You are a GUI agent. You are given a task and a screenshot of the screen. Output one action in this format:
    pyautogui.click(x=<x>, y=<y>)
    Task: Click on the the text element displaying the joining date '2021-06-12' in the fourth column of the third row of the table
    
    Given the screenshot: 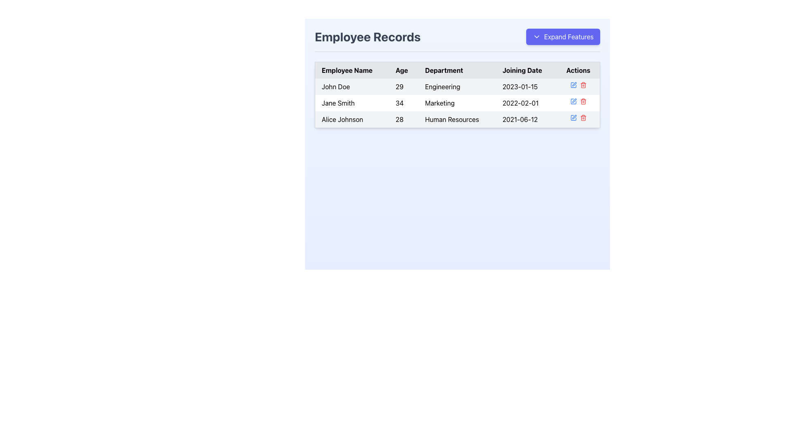 What is the action you would take?
    pyautogui.click(x=526, y=120)
    